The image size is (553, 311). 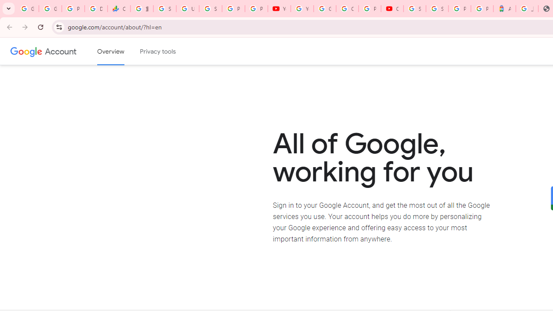 What do you see at coordinates (27, 9) in the screenshot?
I see `'Google Workspace Admin Community'` at bounding box center [27, 9].